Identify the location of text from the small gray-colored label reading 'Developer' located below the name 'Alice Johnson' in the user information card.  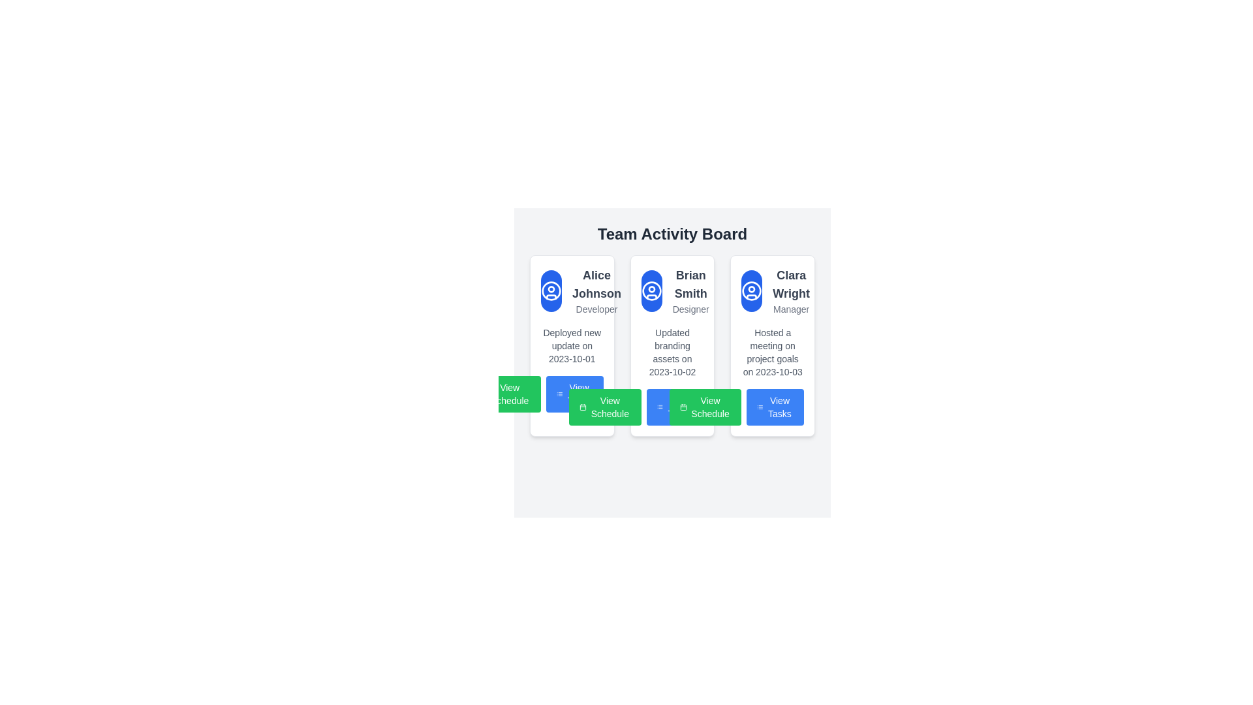
(596, 309).